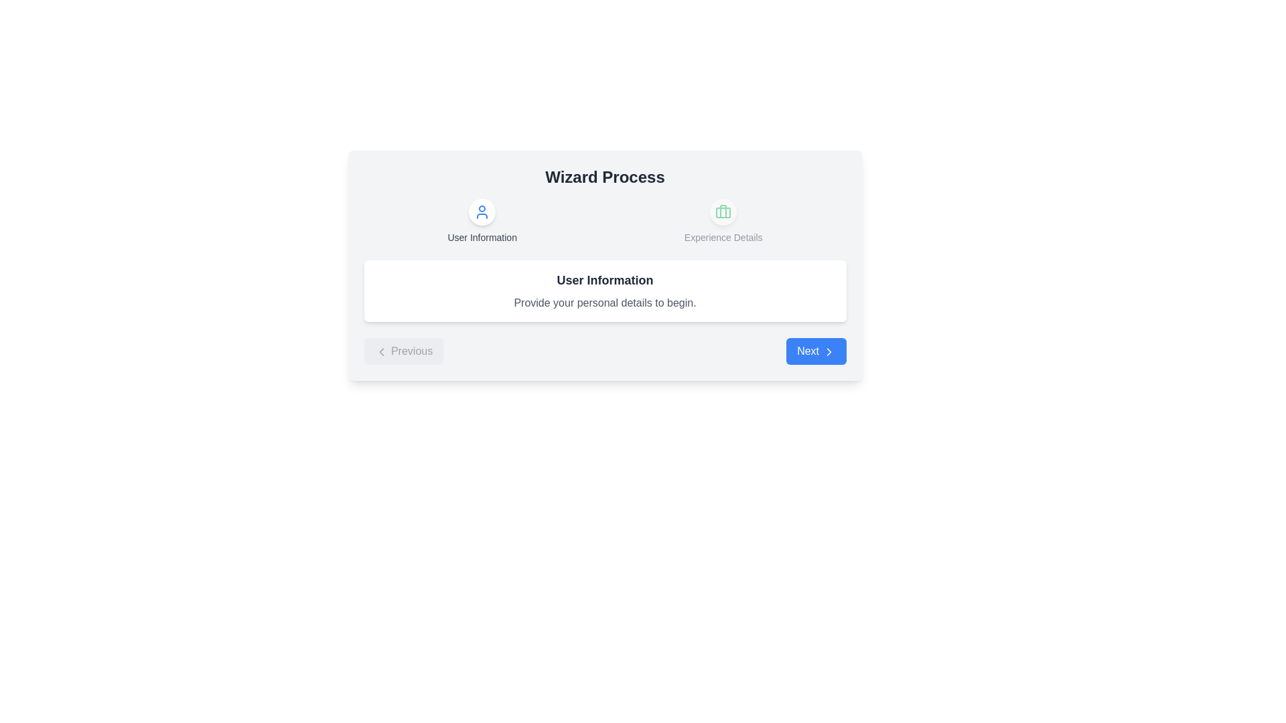  What do you see at coordinates (482, 211) in the screenshot?
I see `the 'User Information' icon located in the upper section of the interface, which visually represents the 'User Information' section within the 'Wizard Process' card` at bounding box center [482, 211].